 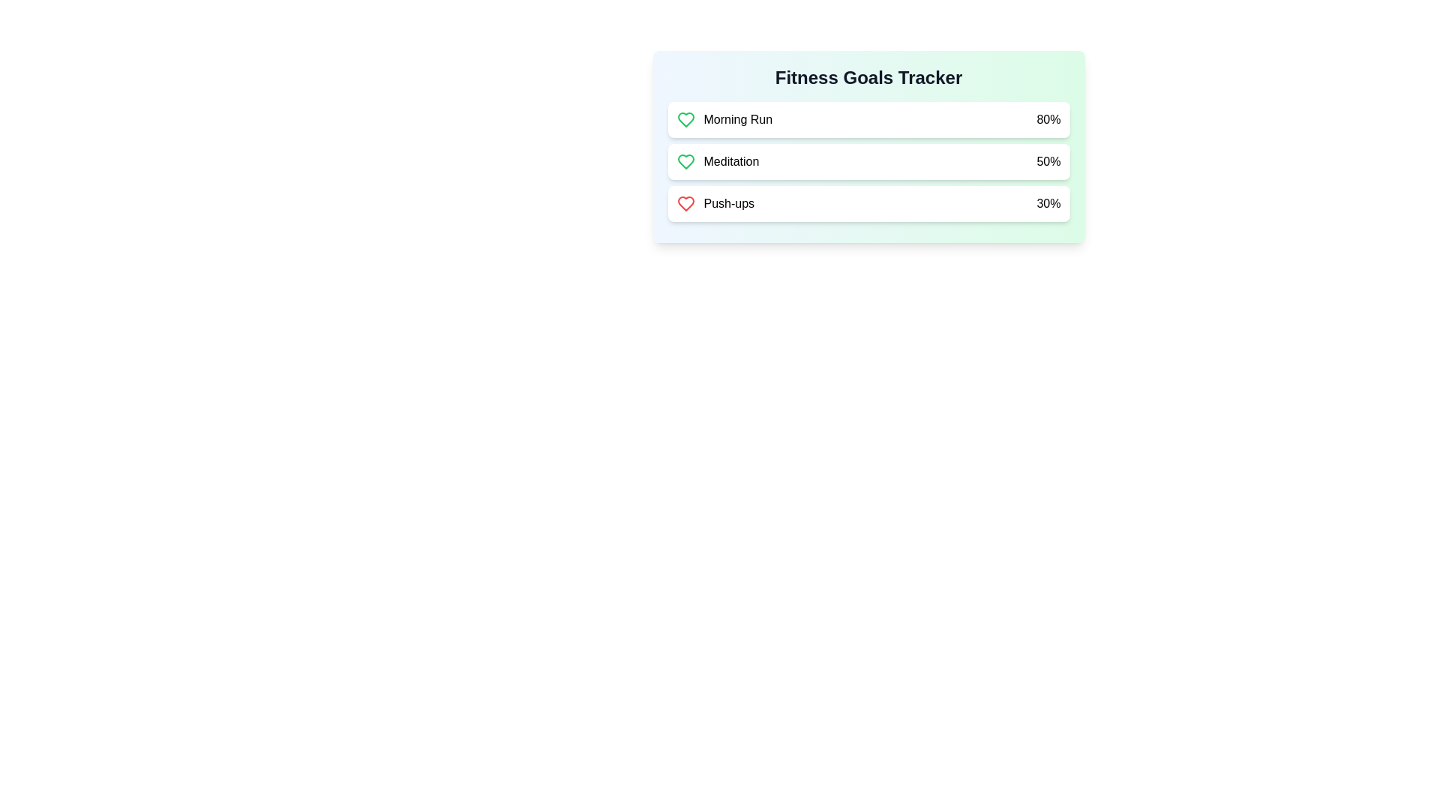 What do you see at coordinates (1048, 162) in the screenshot?
I see `the text element displaying '50%' located in the second row of a list, adjacent to 'Meditation'` at bounding box center [1048, 162].